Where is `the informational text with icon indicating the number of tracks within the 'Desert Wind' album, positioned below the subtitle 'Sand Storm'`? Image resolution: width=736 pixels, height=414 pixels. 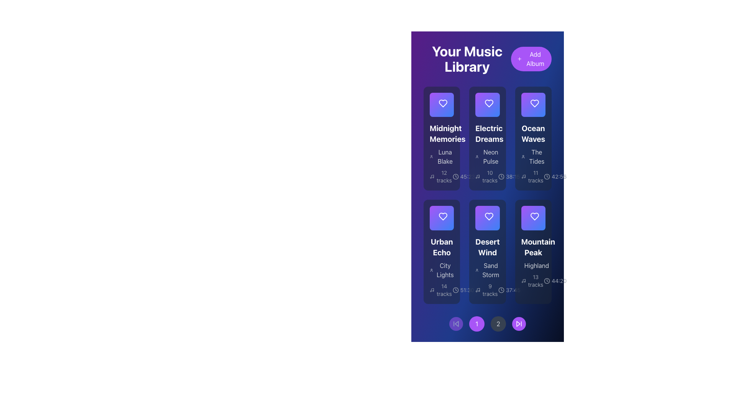 the informational text with icon indicating the number of tracks within the 'Desert Wind' album, positioned below the subtitle 'Sand Storm' is located at coordinates (486, 290).